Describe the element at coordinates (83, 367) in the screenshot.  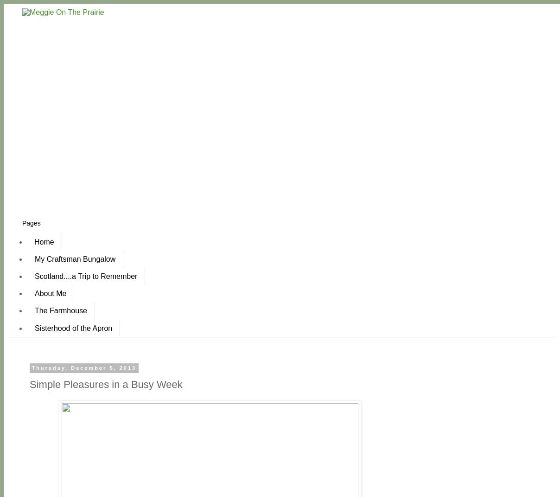
I see `'Thursday, December 5, 2013'` at that location.